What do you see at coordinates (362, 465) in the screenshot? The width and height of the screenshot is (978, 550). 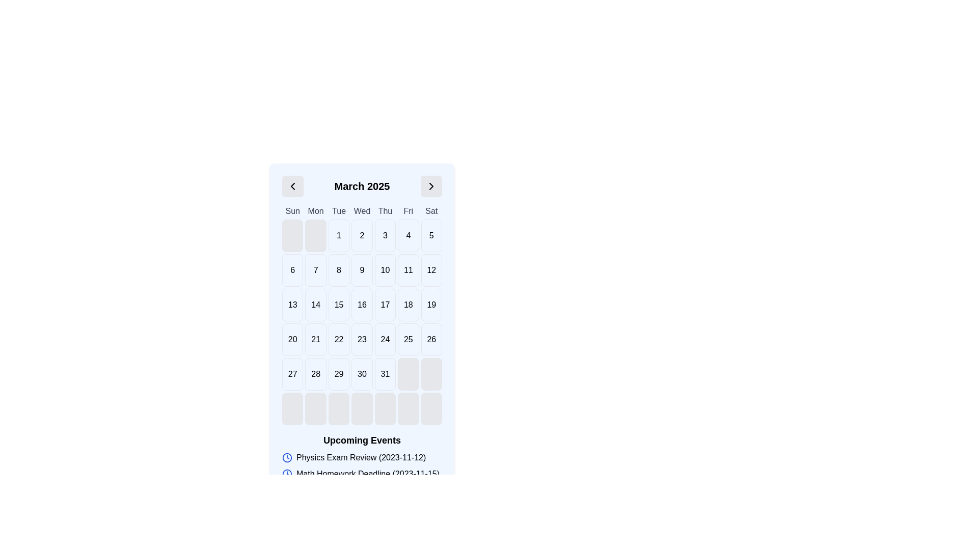 I see `the text content group that visualizes upcoming educational events related to physics and mathematics, located beneath the 'Upcoming Events' heading in the calendar widget` at bounding box center [362, 465].